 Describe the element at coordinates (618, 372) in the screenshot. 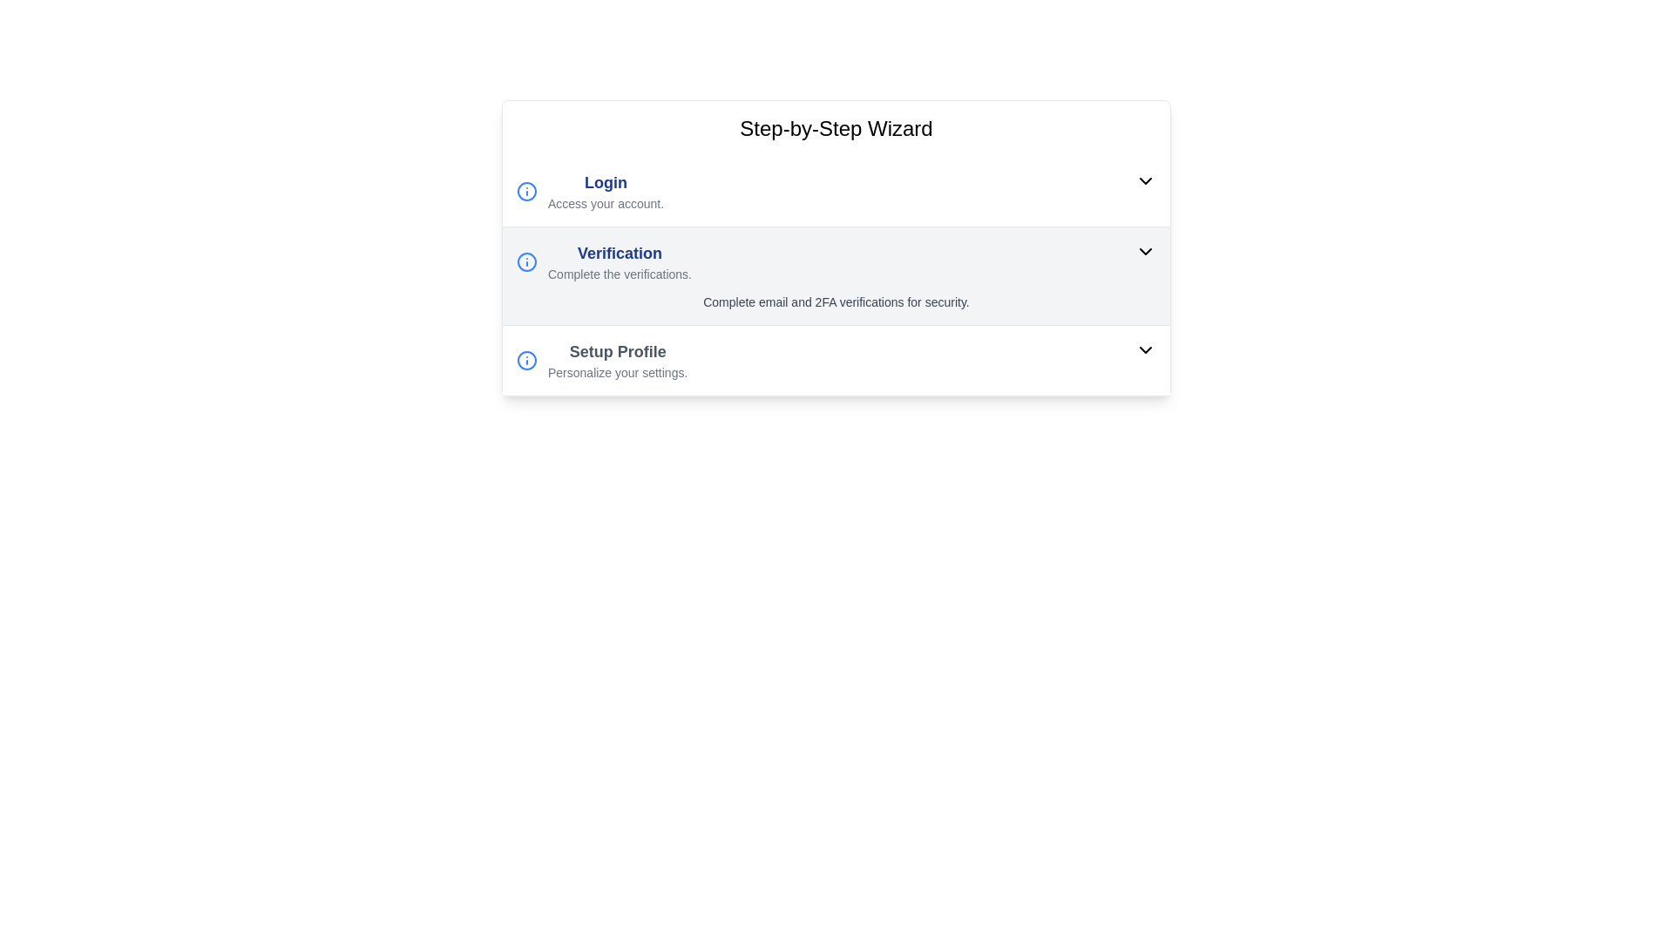

I see `the text label that says 'Personalize your settings.' located beneath the 'Setup Profile' heading in the step-by-step wizard interface` at that location.